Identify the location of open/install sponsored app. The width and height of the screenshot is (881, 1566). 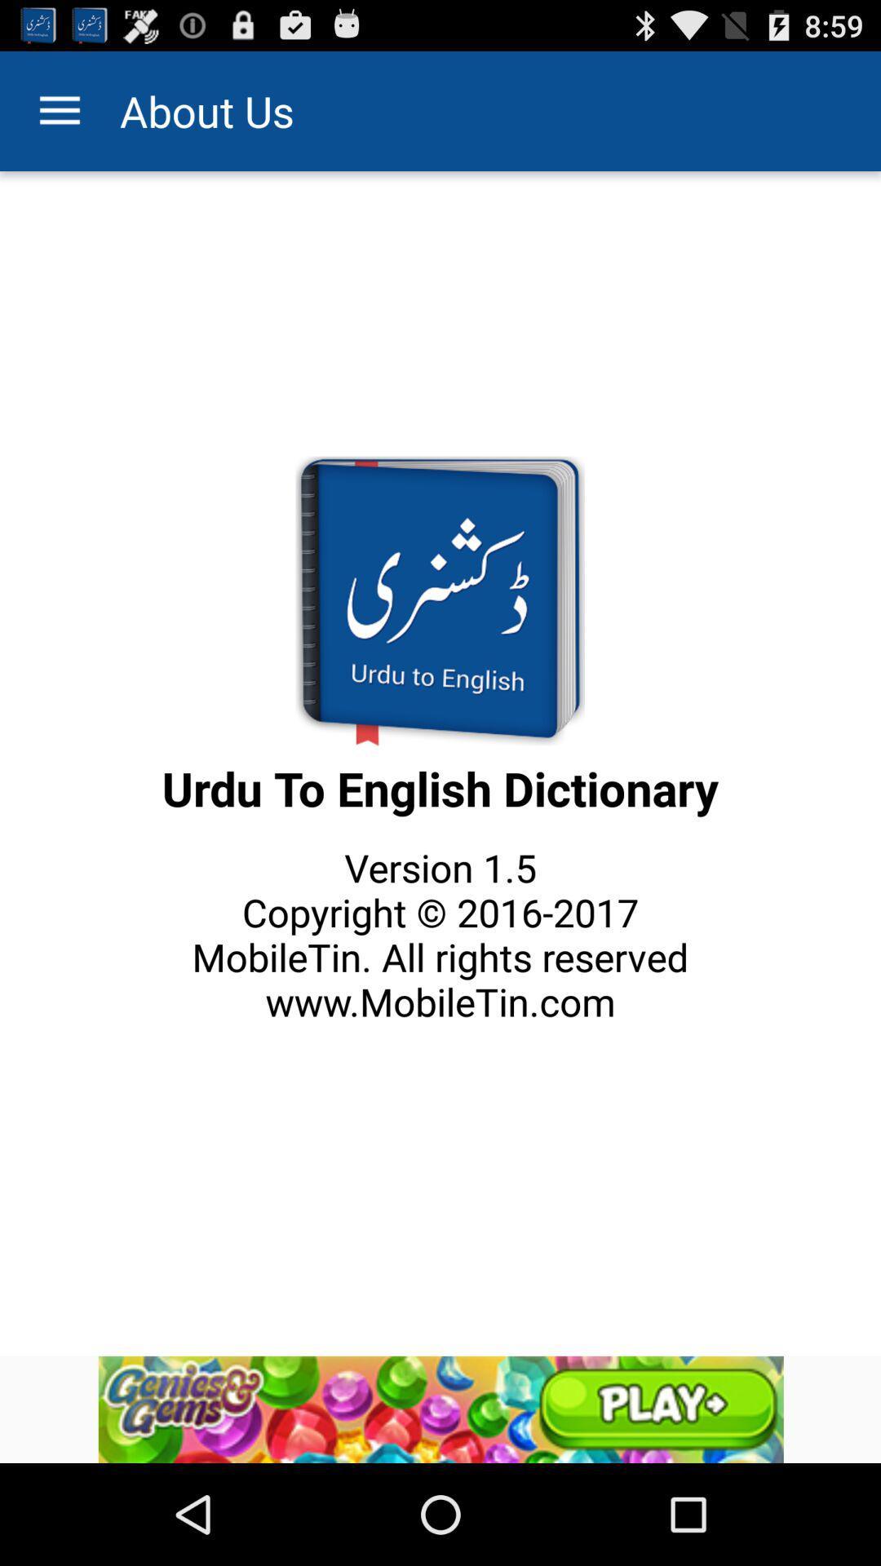
(440, 1409).